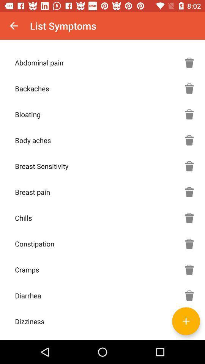 This screenshot has height=364, width=205. I want to click on delete symptom, so click(189, 270).